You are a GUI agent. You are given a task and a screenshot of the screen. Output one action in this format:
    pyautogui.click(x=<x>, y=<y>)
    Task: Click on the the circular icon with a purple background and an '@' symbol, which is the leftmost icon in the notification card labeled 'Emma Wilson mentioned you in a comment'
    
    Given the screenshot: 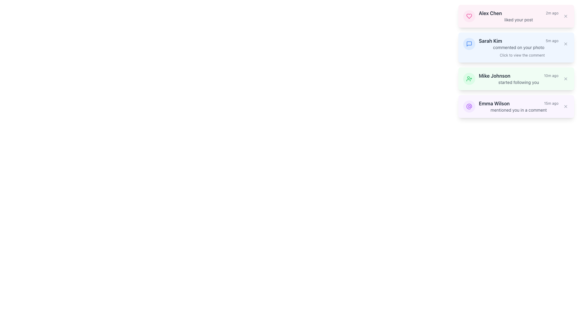 What is the action you would take?
    pyautogui.click(x=469, y=106)
    